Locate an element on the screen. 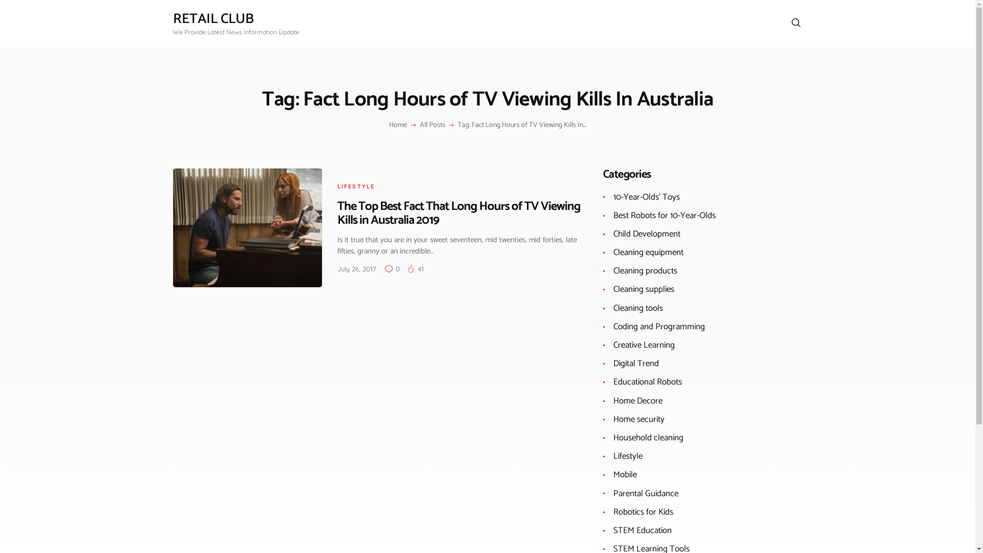  'Cleaning products' is located at coordinates (613, 270).